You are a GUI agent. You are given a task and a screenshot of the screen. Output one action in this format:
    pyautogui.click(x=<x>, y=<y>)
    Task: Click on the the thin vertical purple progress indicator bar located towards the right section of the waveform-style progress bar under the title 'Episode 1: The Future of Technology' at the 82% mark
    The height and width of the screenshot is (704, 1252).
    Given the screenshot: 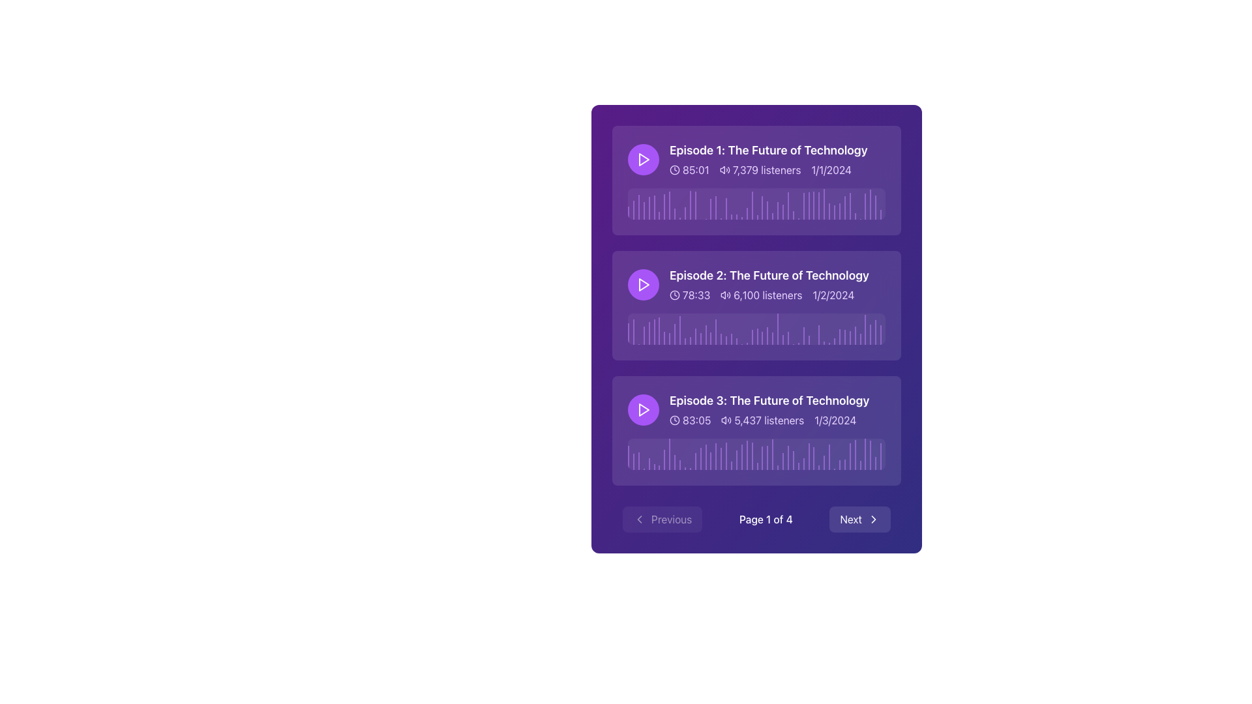 What is the action you would take?
    pyautogui.click(x=839, y=211)
    